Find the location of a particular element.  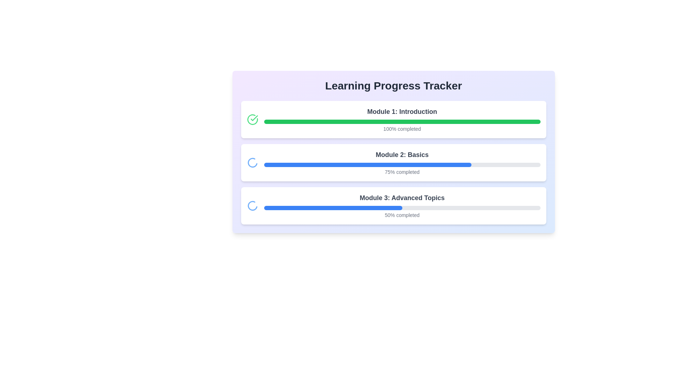

the Progress card that displays the completion progress of 'Module 2: Basics' in the Learning Progress Tracker section is located at coordinates (393, 162).